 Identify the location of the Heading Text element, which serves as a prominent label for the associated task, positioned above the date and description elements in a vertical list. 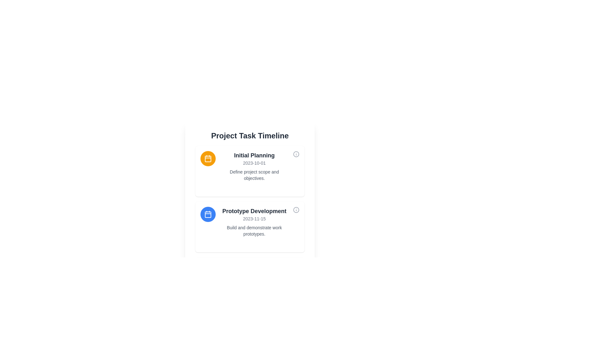
(254, 211).